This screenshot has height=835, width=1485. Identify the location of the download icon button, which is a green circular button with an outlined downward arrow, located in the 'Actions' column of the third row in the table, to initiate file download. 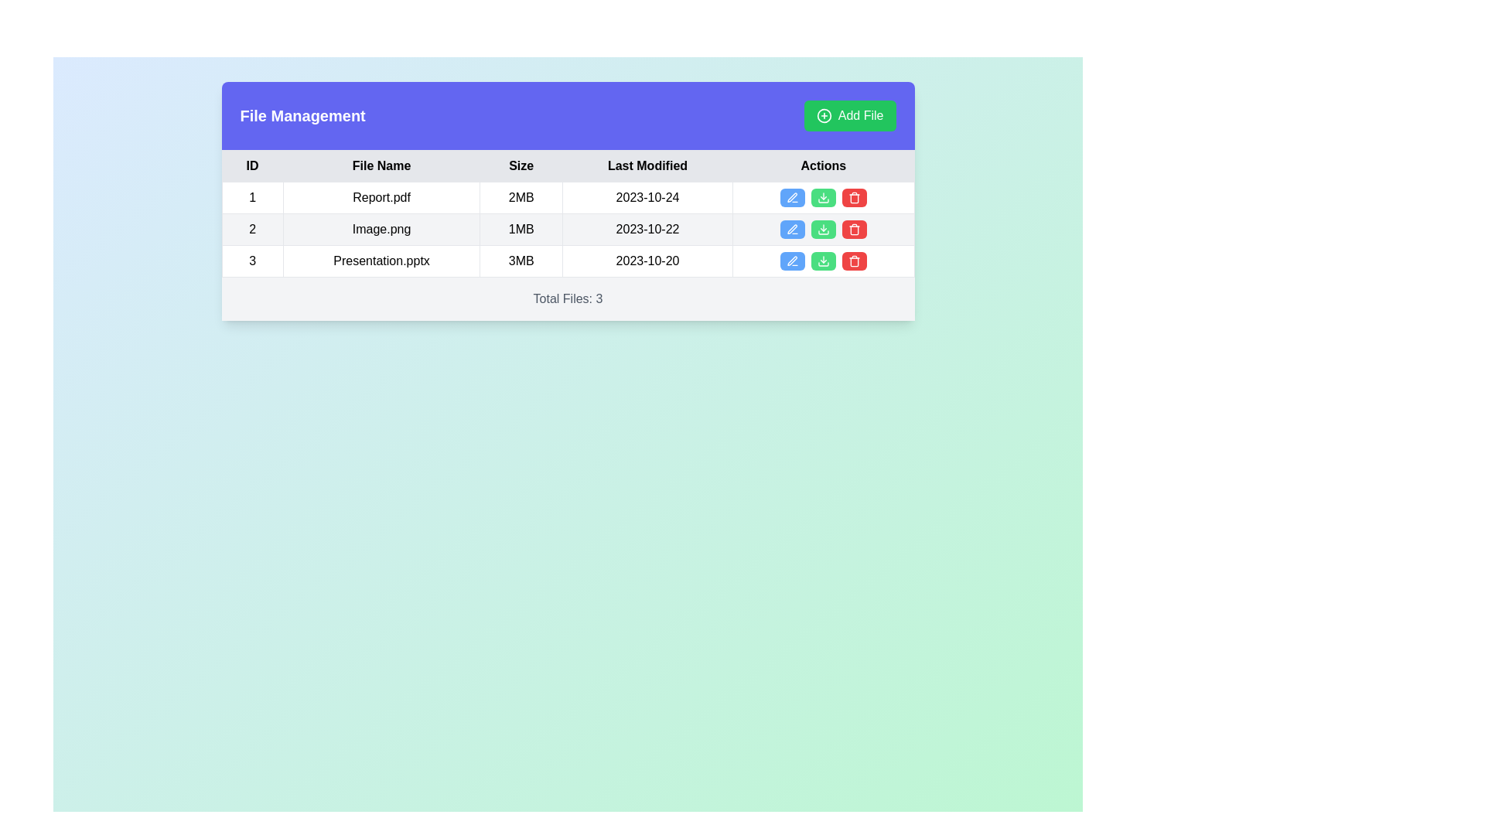
(822, 261).